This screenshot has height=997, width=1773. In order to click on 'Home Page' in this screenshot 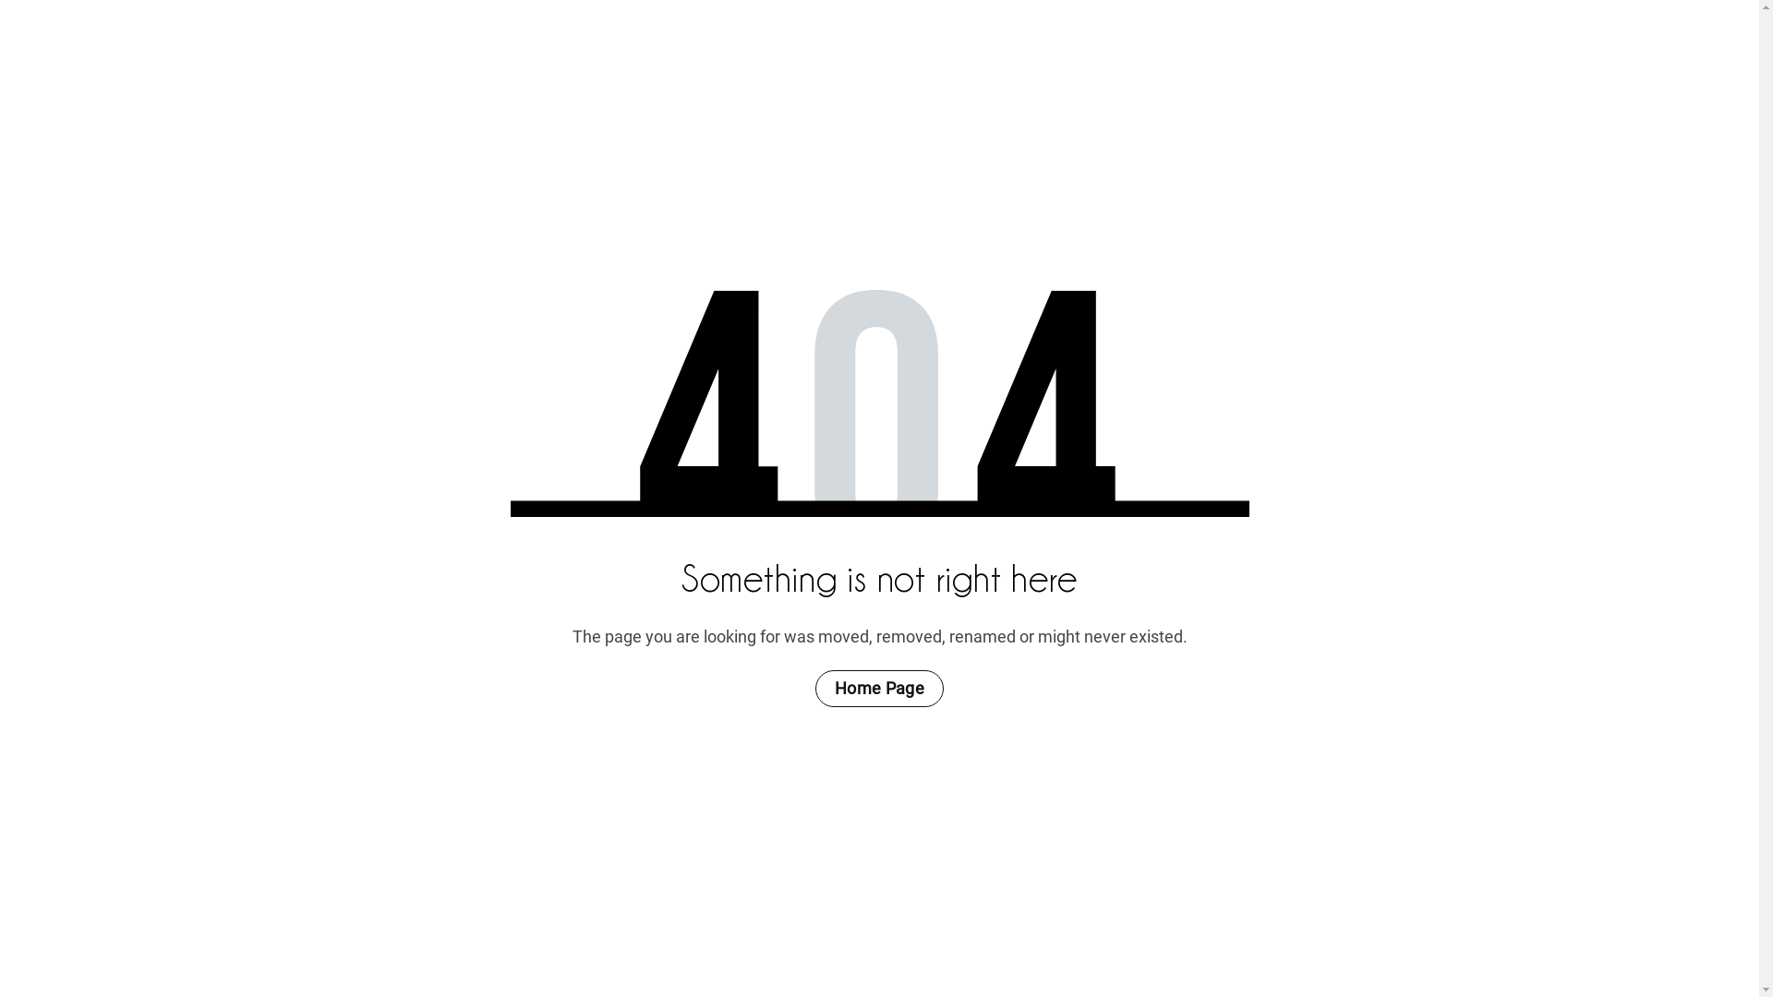, I will do `click(814, 688)`.